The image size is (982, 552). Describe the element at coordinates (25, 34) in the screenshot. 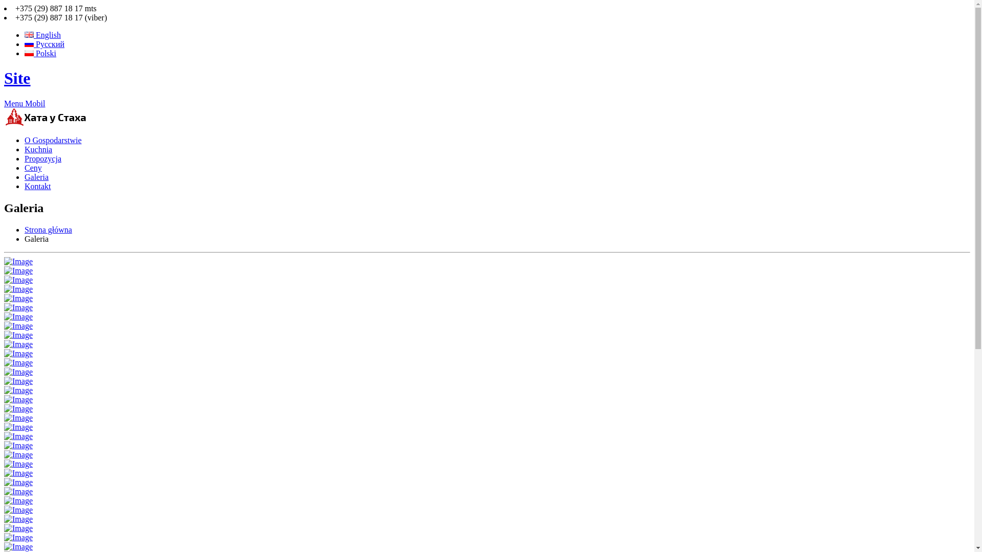

I see `'English'` at that location.